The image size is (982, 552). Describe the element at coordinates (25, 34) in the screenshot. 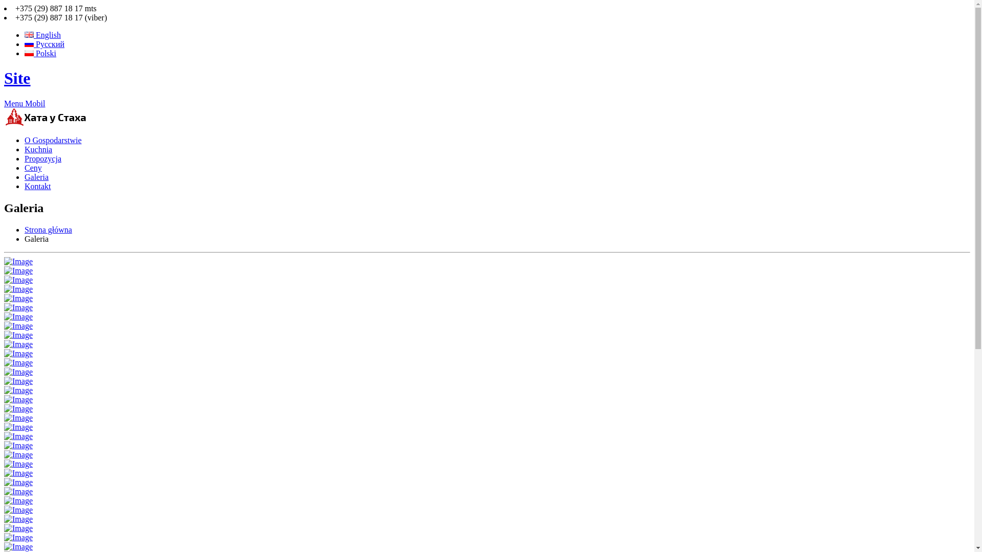

I see `'English'` at that location.